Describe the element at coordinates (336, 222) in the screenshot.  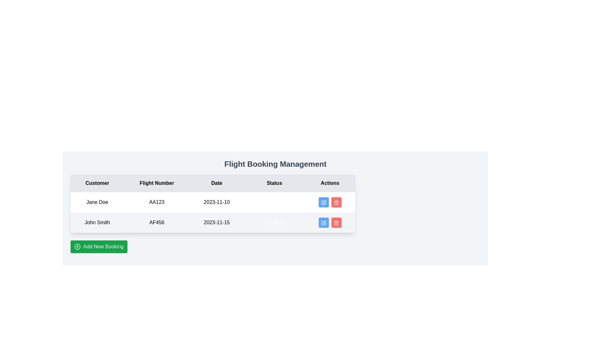
I see `the delete button located in the 'Actions' column of the second row in the flight booking management table` at that location.